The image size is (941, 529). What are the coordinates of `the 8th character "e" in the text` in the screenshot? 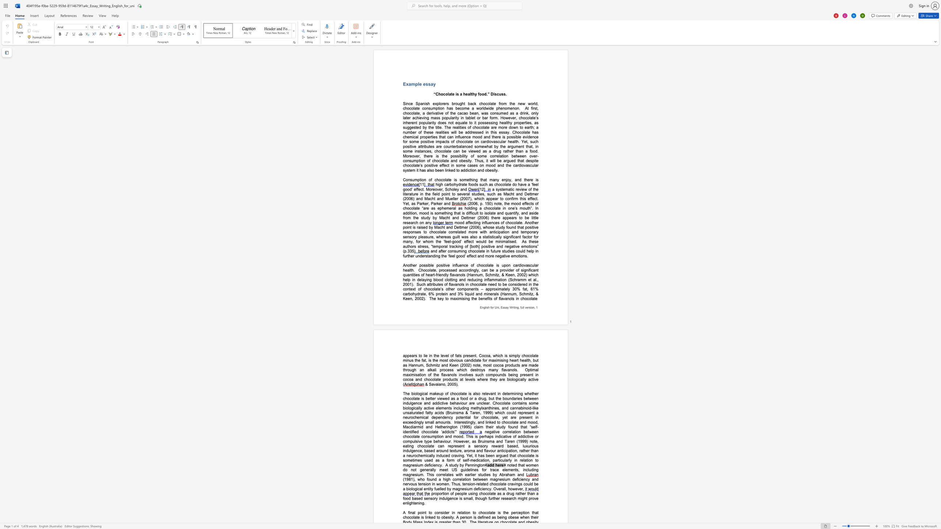 It's located at (440, 146).